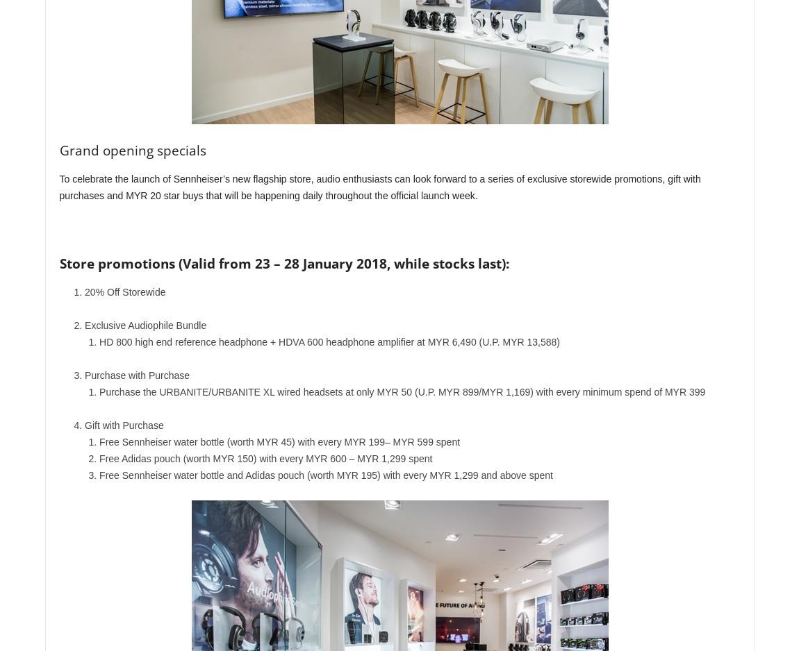 The width and height of the screenshot is (799, 651). What do you see at coordinates (329, 342) in the screenshot?
I see `'HD 800 high end reference headphone + HDVA 600 headphone amplifier at MYR 6,490 (U.P. MYR 13,588)'` at bounding box center [329, 342].